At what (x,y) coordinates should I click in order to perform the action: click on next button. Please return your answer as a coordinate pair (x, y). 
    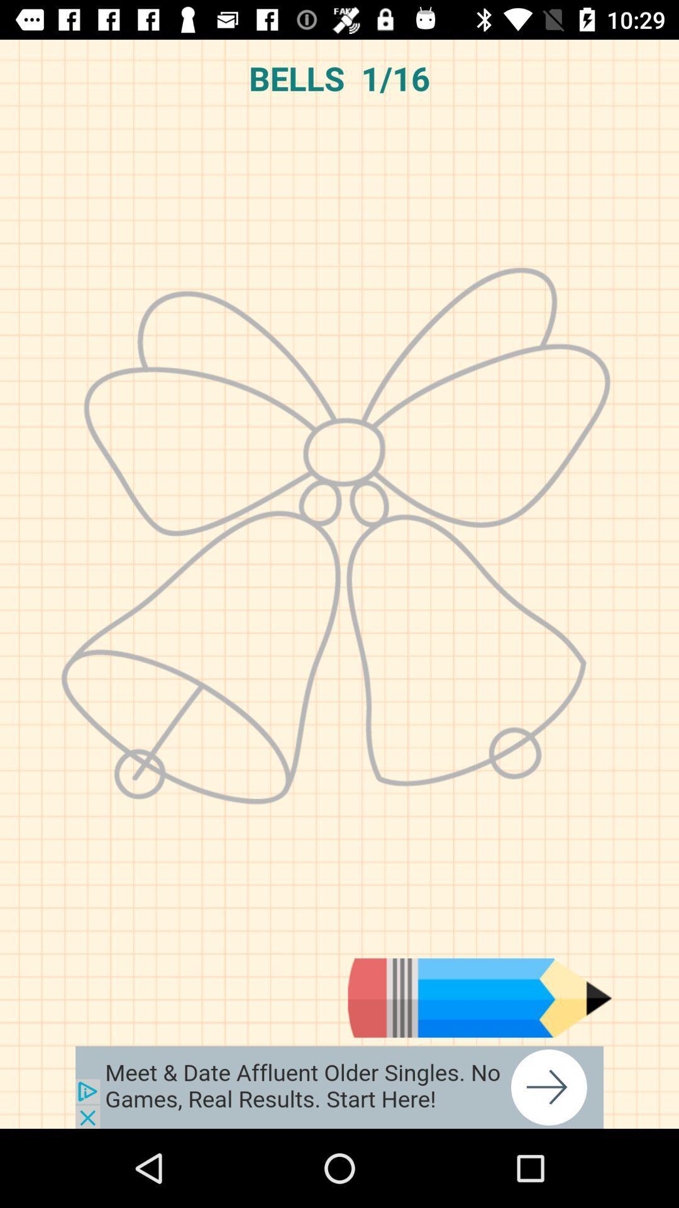
    Looking at the image, I should click on (339, 1087).